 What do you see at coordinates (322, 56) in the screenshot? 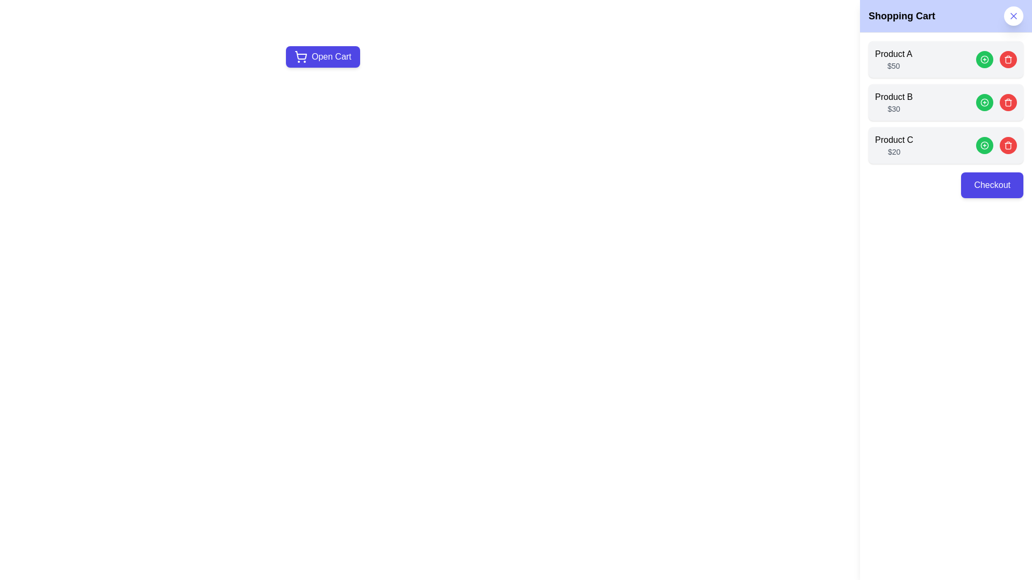
I see `the 'Open Cart' button to toggle the shopping cart drawer visibility` at bounding box center [322, 56].